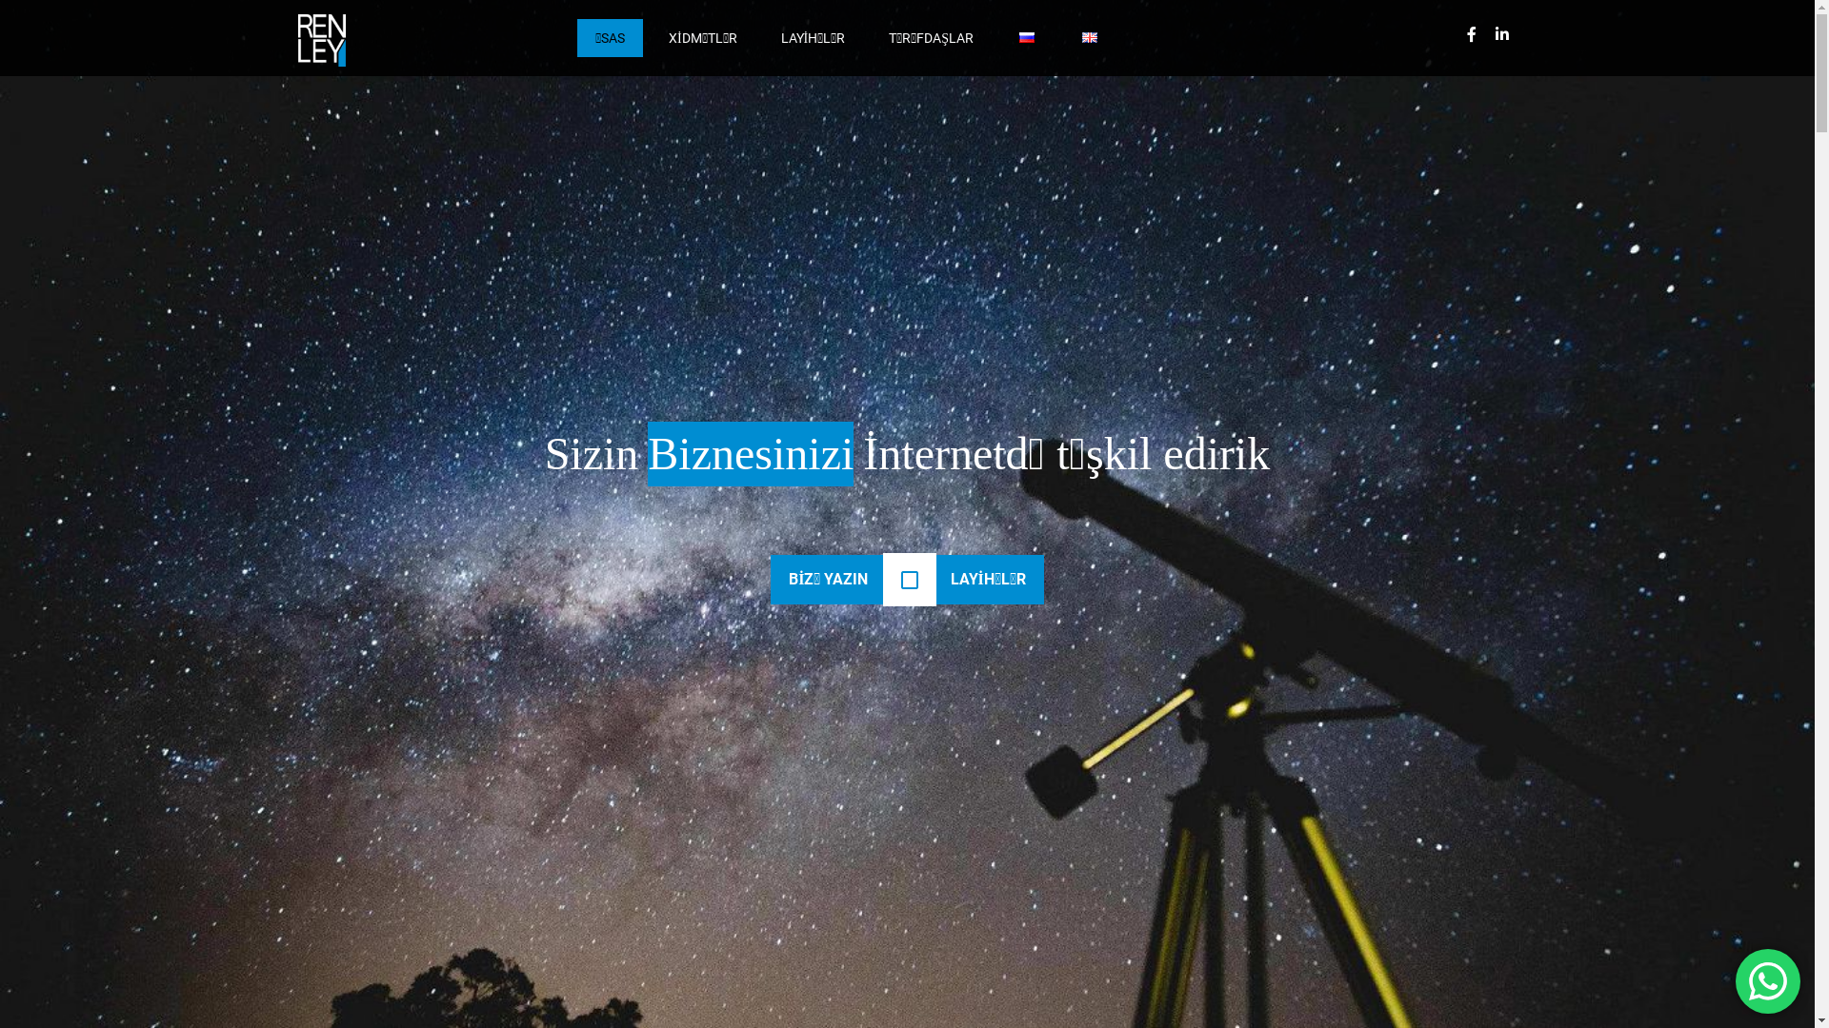 Image resolution: width=1829 pixels, height=1028 pixels. Describe the element at coordinates (1767, 980) in the screenshot. I see `'WhatsApp us'` at that location.